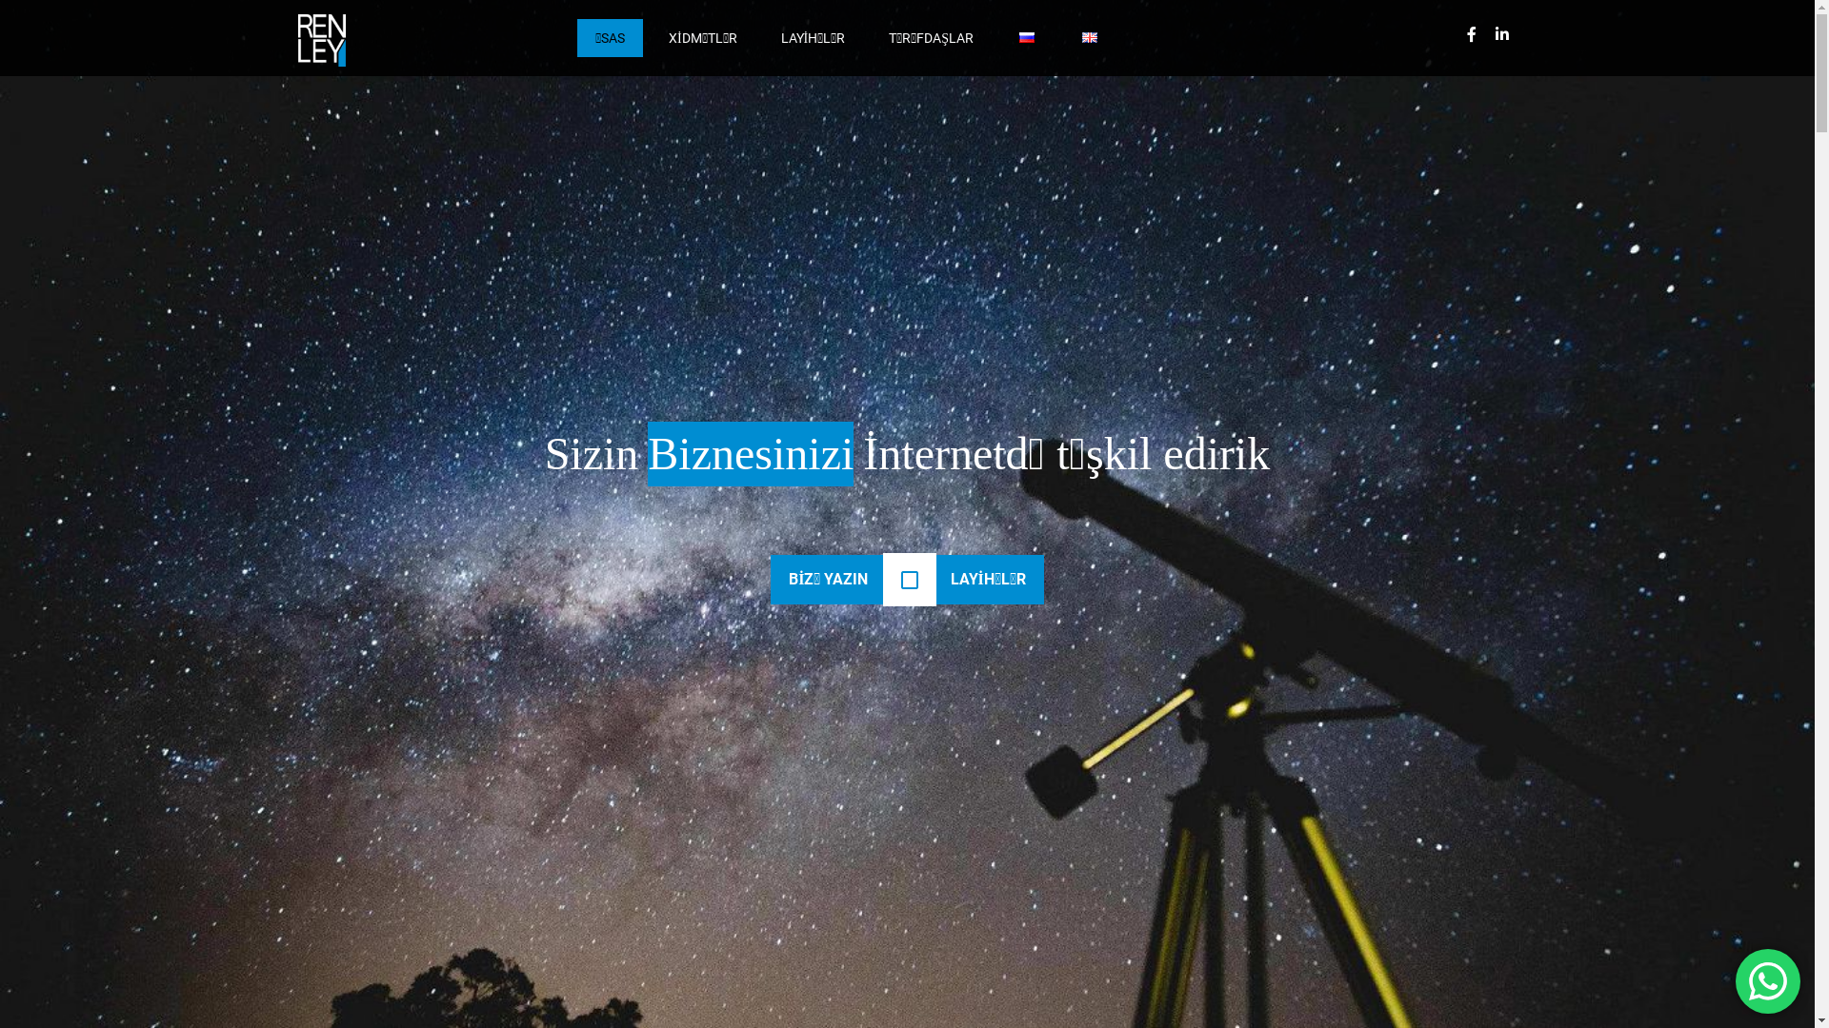 Image resolution: width=1829 pixels, height=1028 pixels. Describe the element at coordinates (1767, 980) in the screenshot. I see `'WhatsApp us'` at that location.